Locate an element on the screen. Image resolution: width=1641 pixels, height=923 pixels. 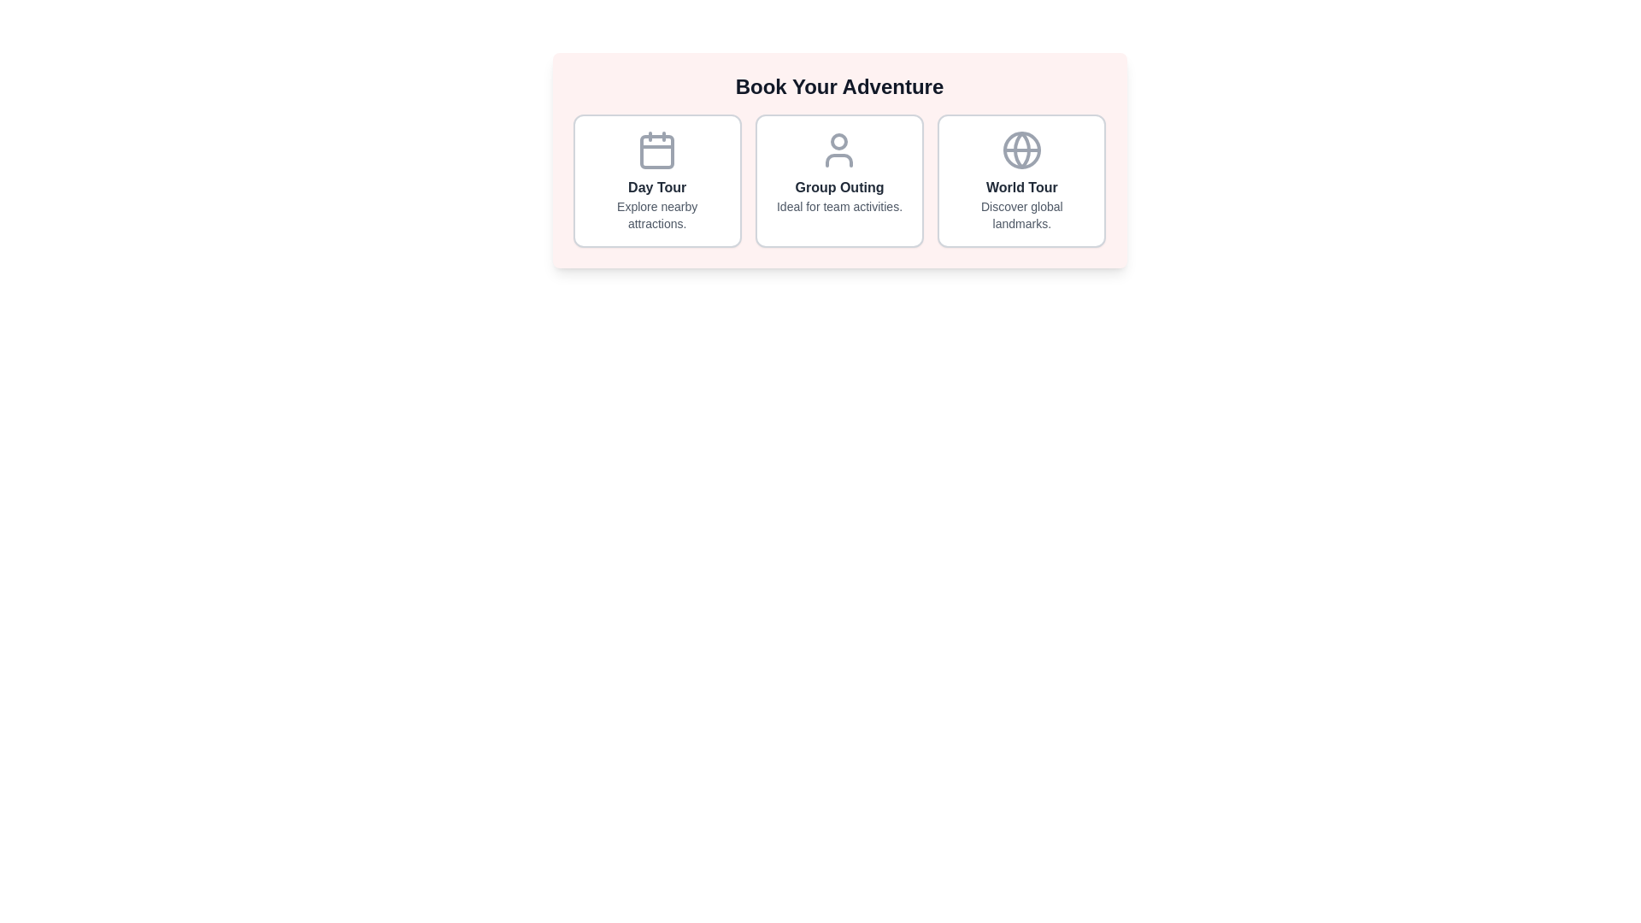
the 'Day Tour' text label, which serves as the title for the first option in a selection area, located at the top of the first column in a horizontally arranged set of three blocks is located at coordinates (656, 187).